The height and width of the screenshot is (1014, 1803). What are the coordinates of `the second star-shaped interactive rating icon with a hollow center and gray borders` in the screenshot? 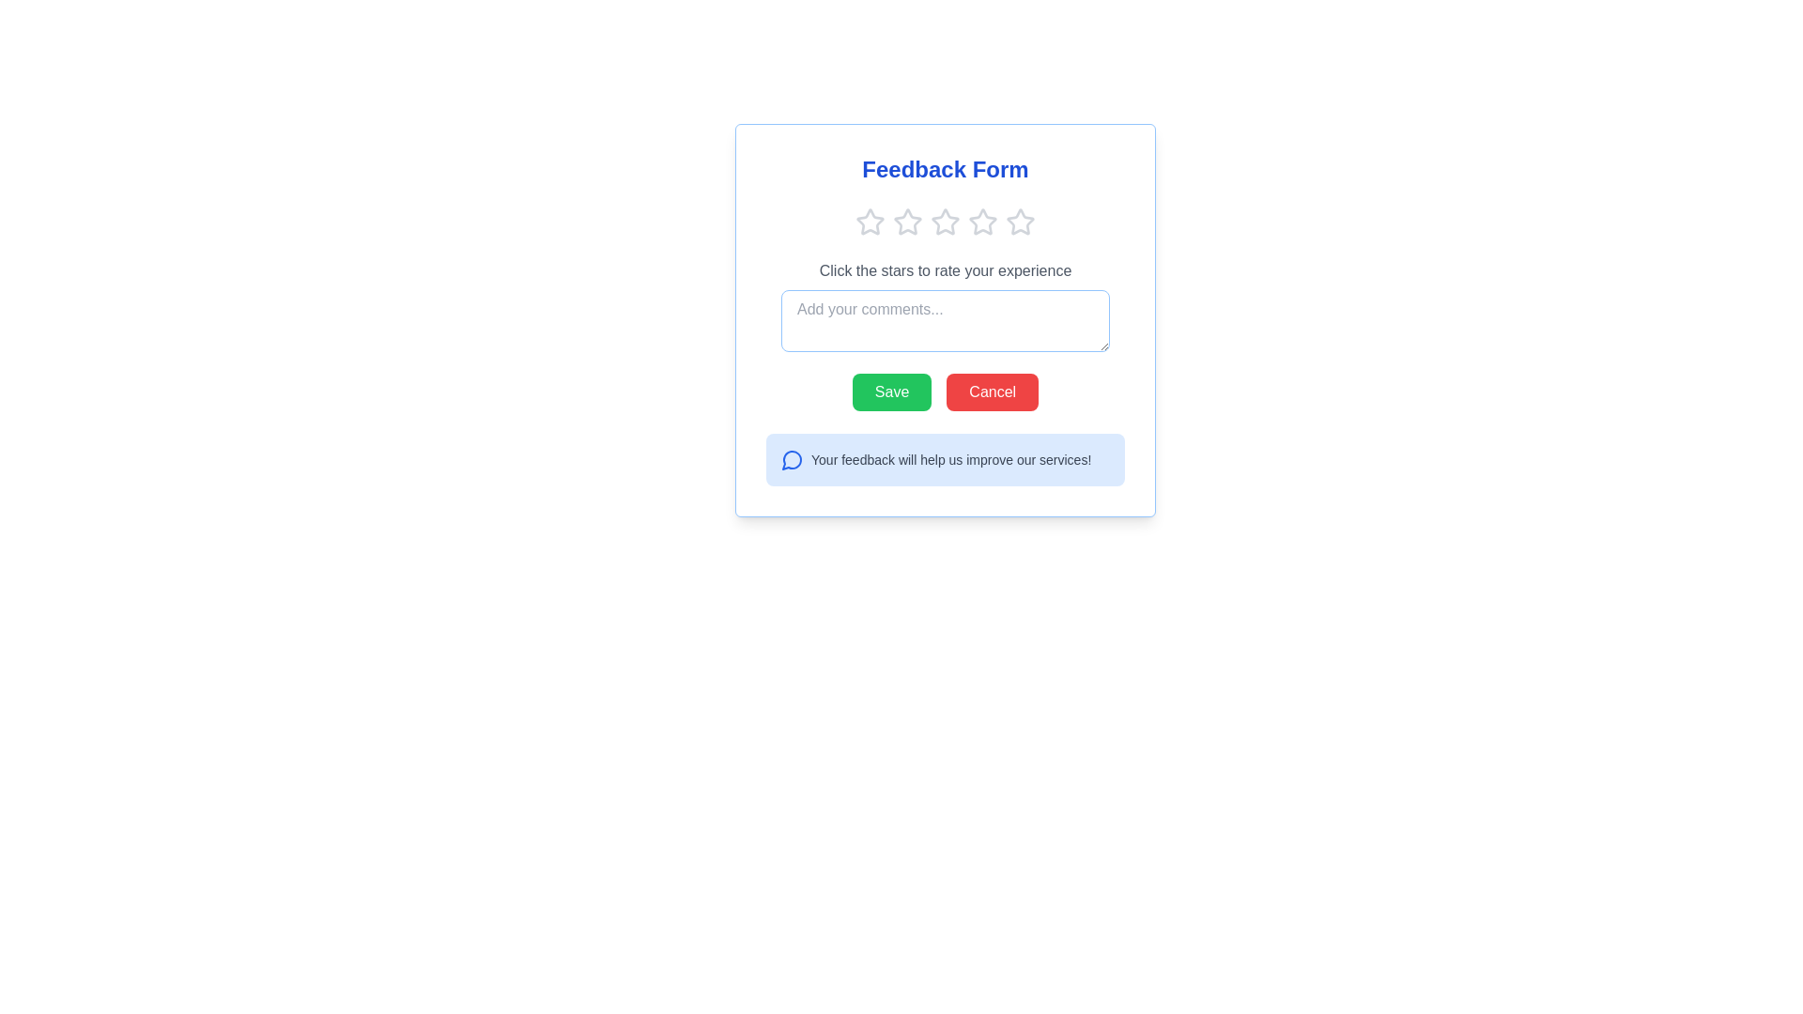 It's located at (946, 221).